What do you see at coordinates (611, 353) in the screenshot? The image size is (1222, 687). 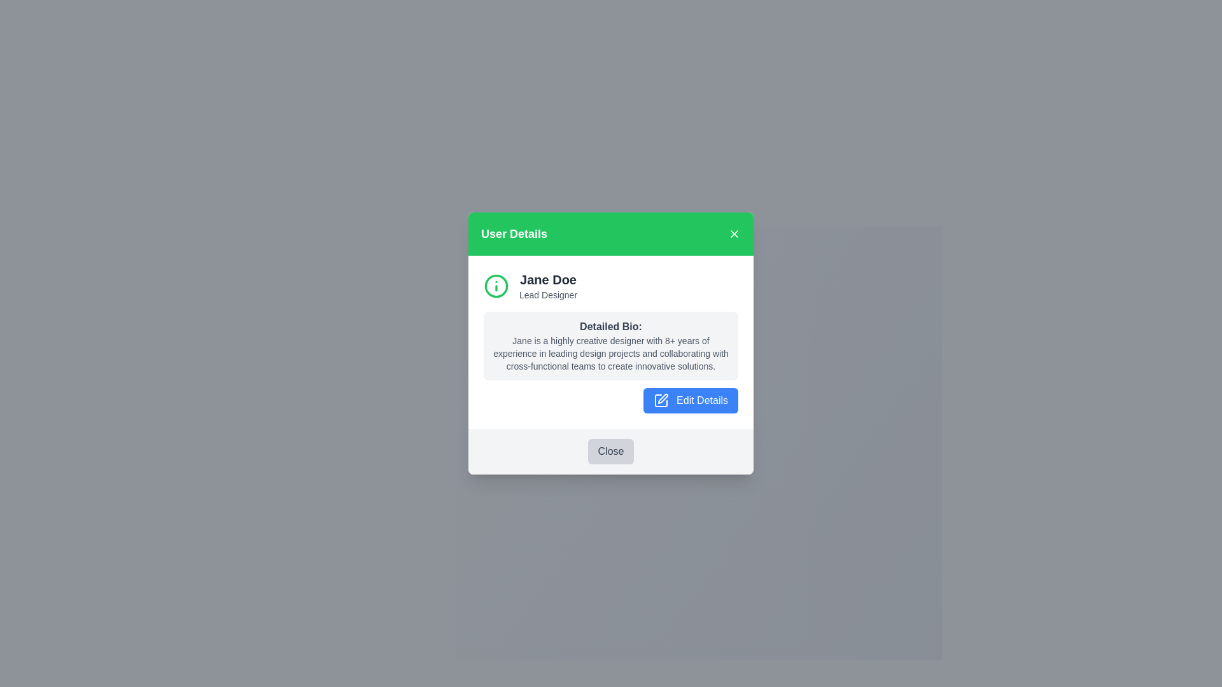 I see `the descriptive text block located below the 'Detailed Bio:' heading and above the 'Edit Details' button` at bounding box center [611, 353].